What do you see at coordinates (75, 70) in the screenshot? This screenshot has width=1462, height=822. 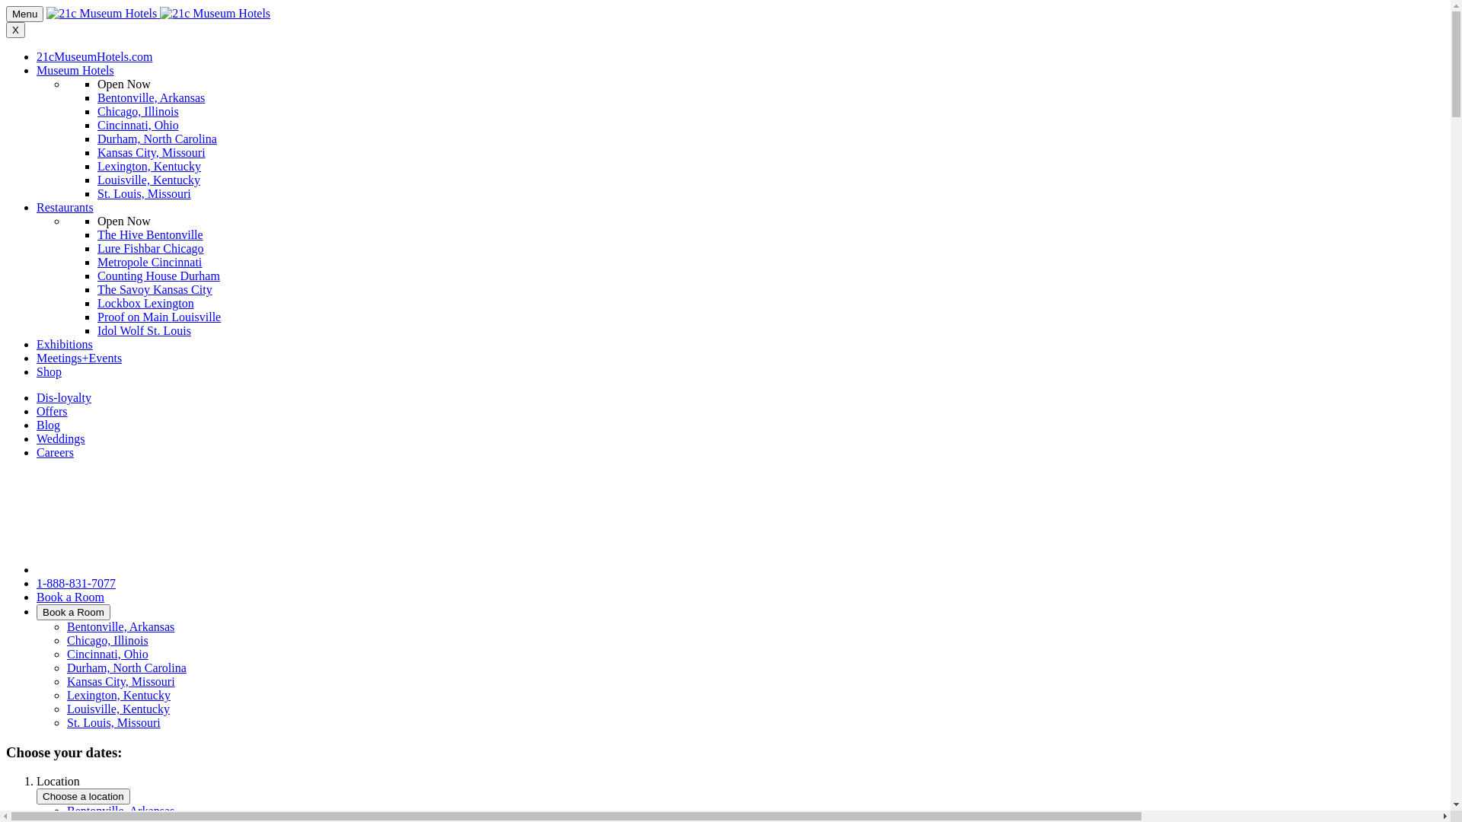 I see `'Museum Hotels'` at bounding box center [75, 70].